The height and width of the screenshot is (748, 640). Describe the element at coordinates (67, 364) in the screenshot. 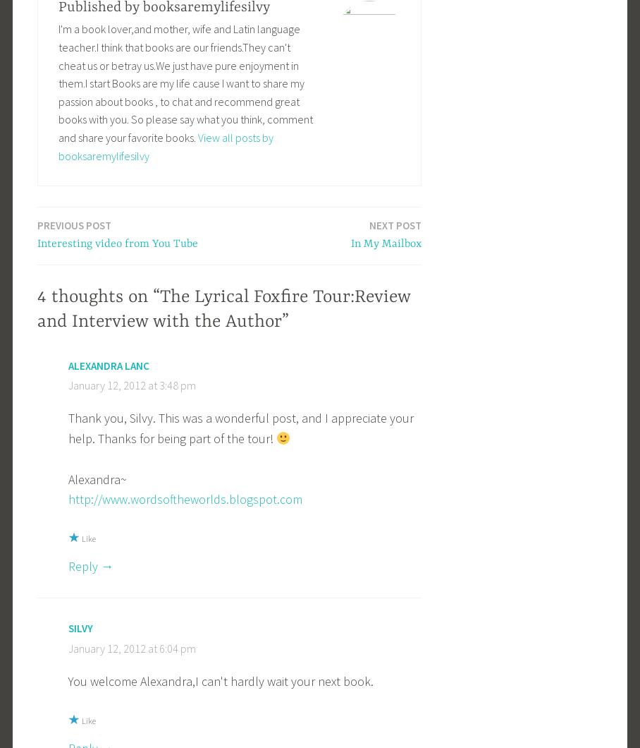

I see `'Alexandra Lanc'` at that location.